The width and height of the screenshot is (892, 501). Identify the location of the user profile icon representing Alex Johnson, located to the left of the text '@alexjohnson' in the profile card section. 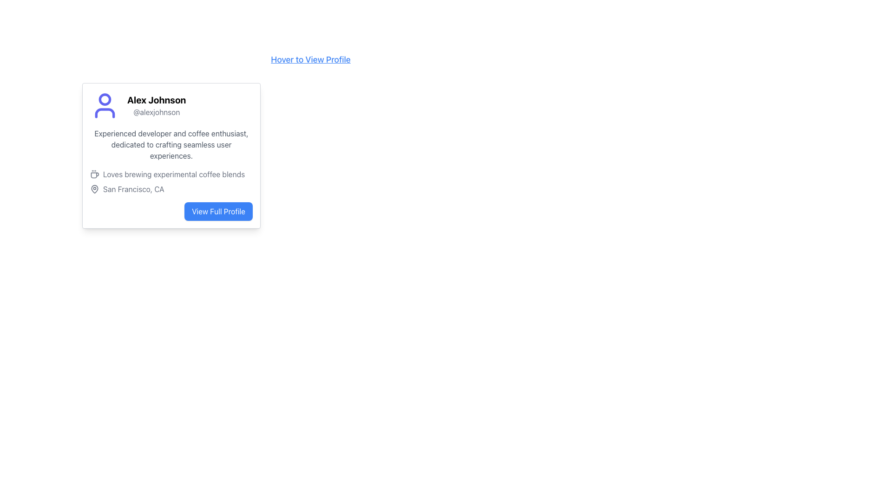
(105, 105).